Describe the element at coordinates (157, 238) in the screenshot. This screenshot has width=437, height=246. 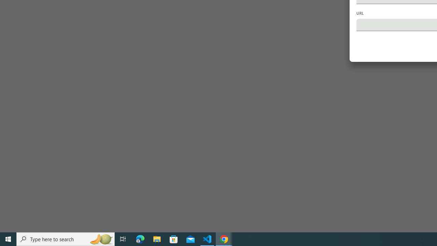
I see `'File Explorer'` at that location.